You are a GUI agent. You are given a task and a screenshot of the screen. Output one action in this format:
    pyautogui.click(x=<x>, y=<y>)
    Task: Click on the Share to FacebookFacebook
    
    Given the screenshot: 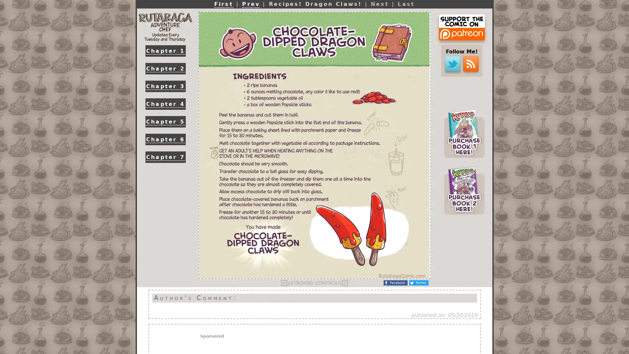 What is the action you would take?
    pyautogui.click(x=395, y=283)
    